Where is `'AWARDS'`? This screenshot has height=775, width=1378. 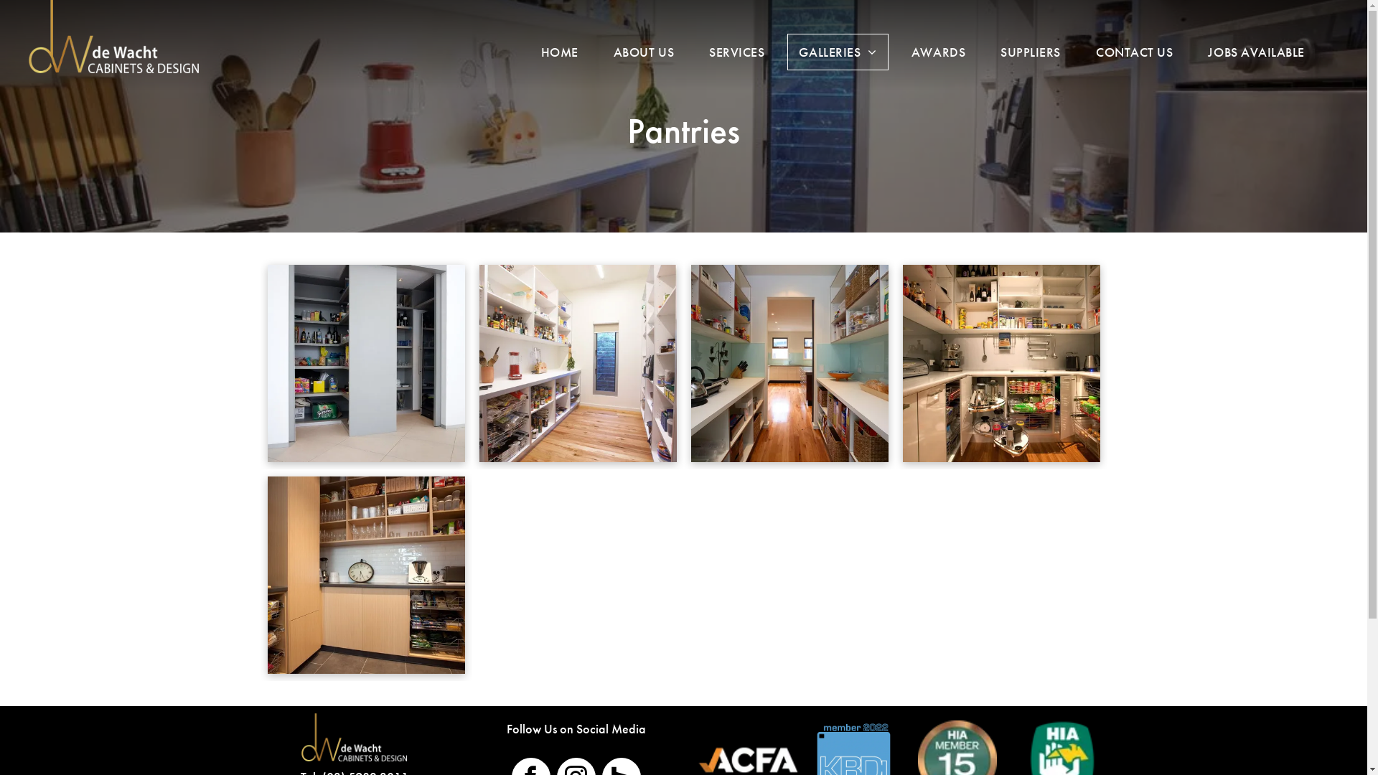
'AWARDS' is located at coordinates (938, 51).